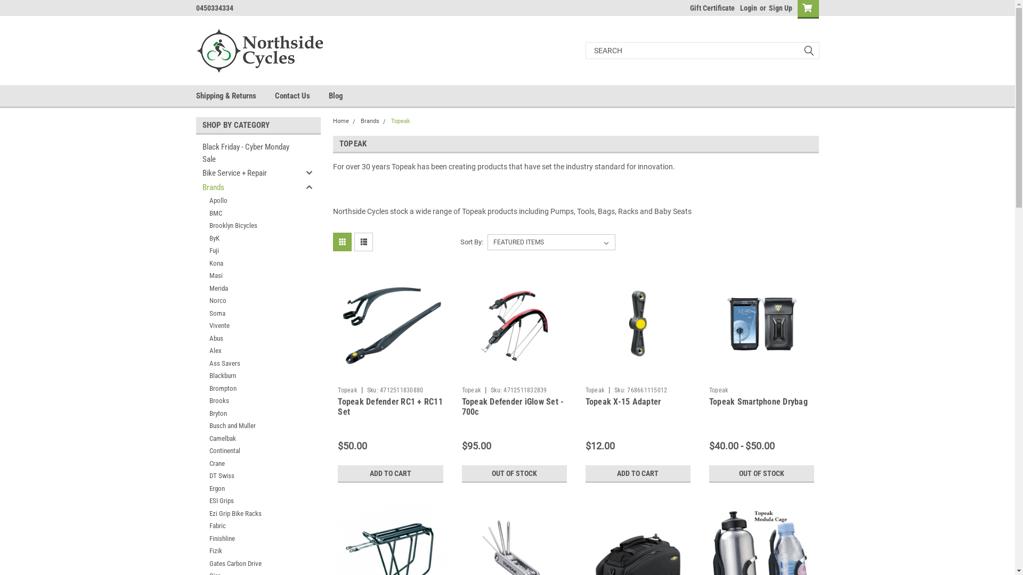  I want to click on 'Topeak Smartphone Drybag', so click(758, 401).